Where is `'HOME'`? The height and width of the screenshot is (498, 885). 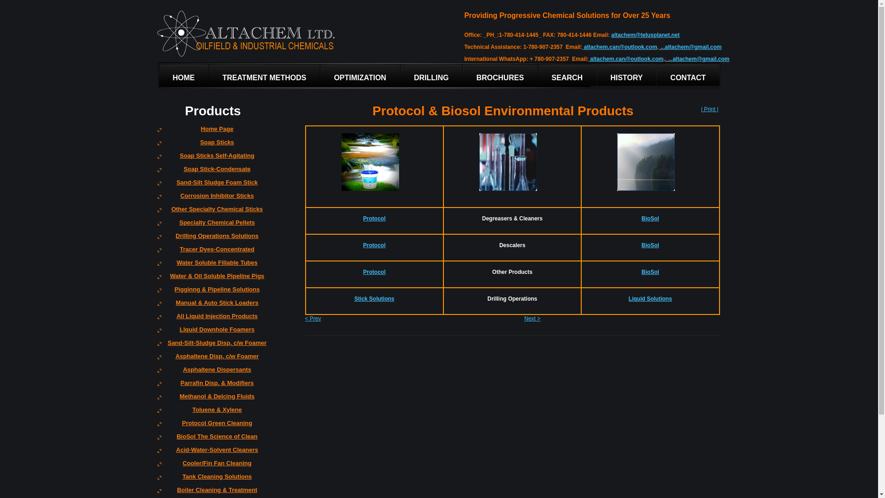
'HOME' is located at coordinates (159, 75).